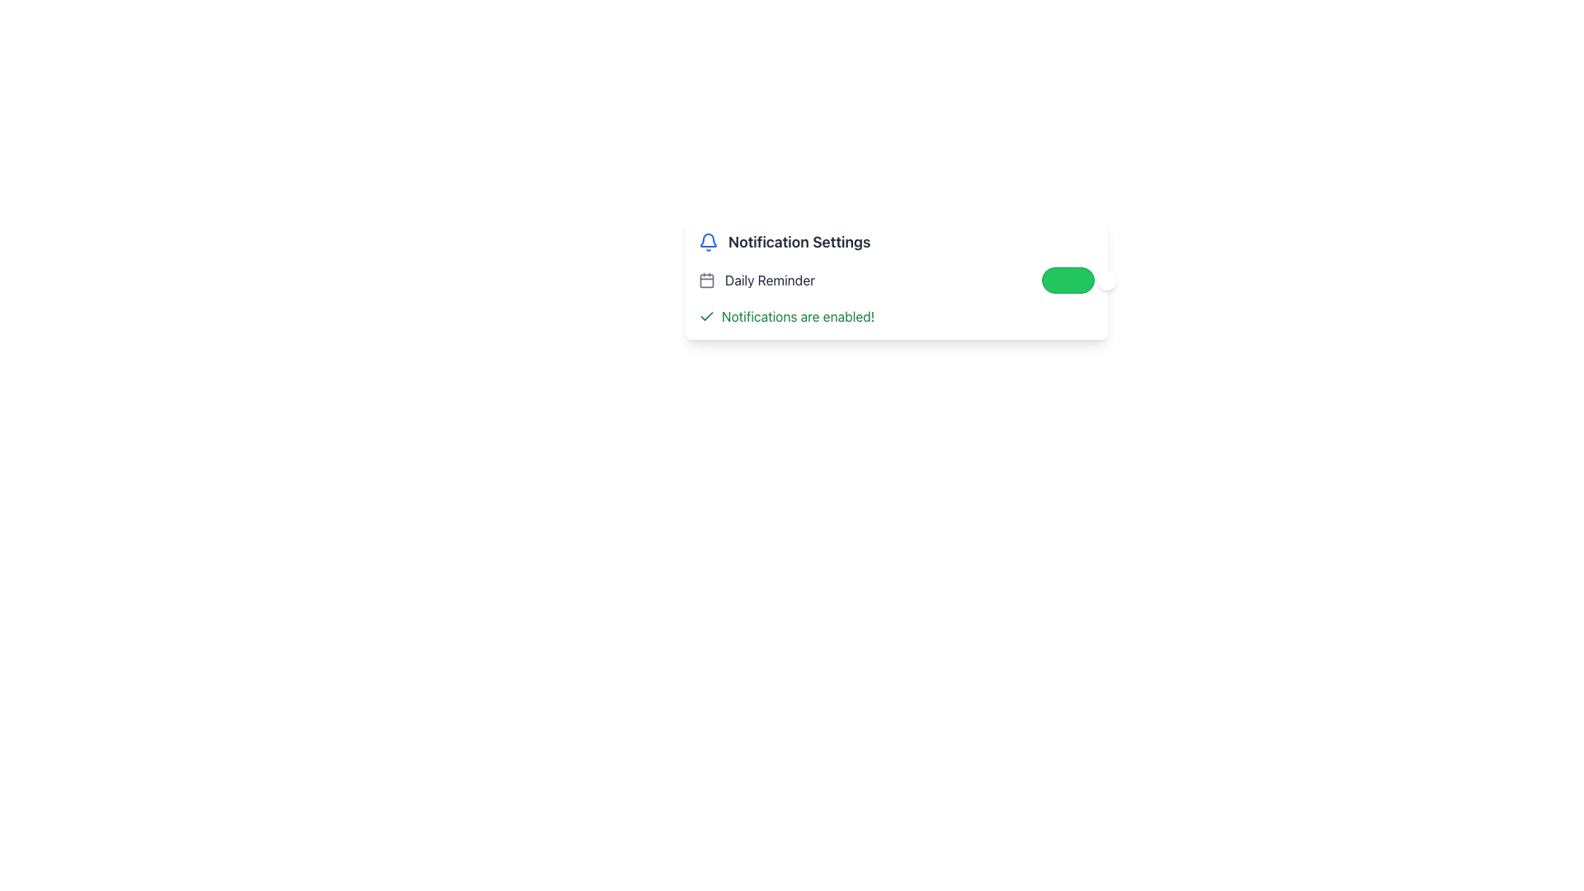 Image resolution: width=1584 pixels, height=891 pixels. What do you see at coordinates (707, 279) in the screenshot?
I see `the gray calendar icon with rounded corners located to the left of the 'Daily Reminder' text under the 'Notification Settings' heading` at bounding box center [707, 279].